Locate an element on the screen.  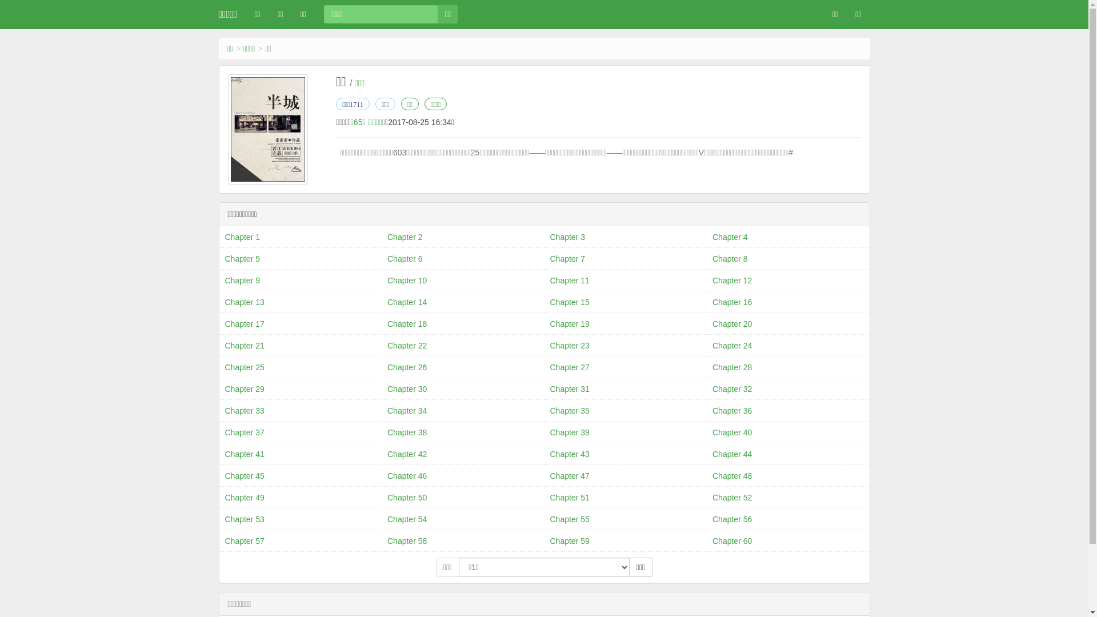
'Chapter 19' is located at coordinates (624, 324).